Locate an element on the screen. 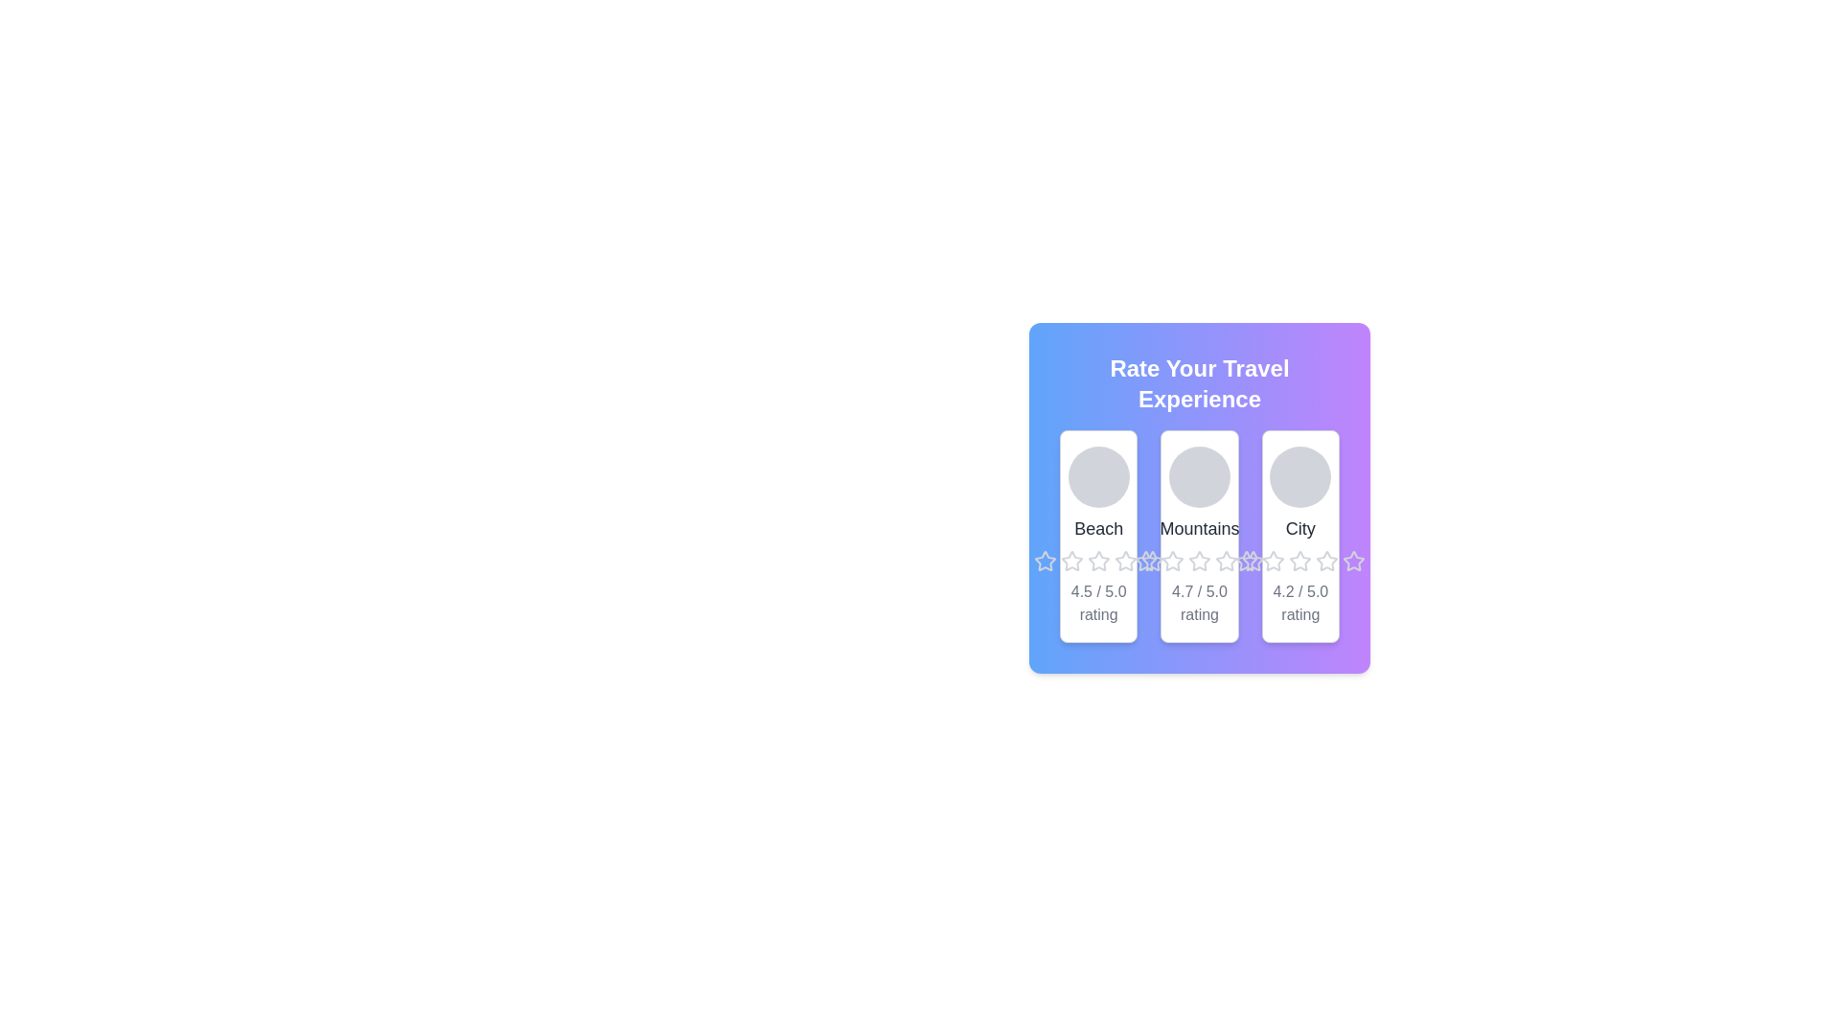 Image resolution: width=1840 pixels, height=1035 pixels. the fourth star icon in the rating system for the 'Mountains' experience, located beneath the 'Rate Your Travel Experience' title is located at coordinates (1199, 561).